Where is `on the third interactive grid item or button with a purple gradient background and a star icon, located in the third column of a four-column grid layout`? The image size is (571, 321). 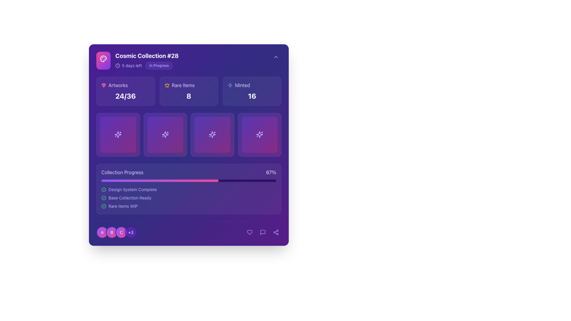
on the third interactive grid item or button with a purple gradient background and a star icon, located in the third column of a four-column grid layout is located at coordinates (188, 134).